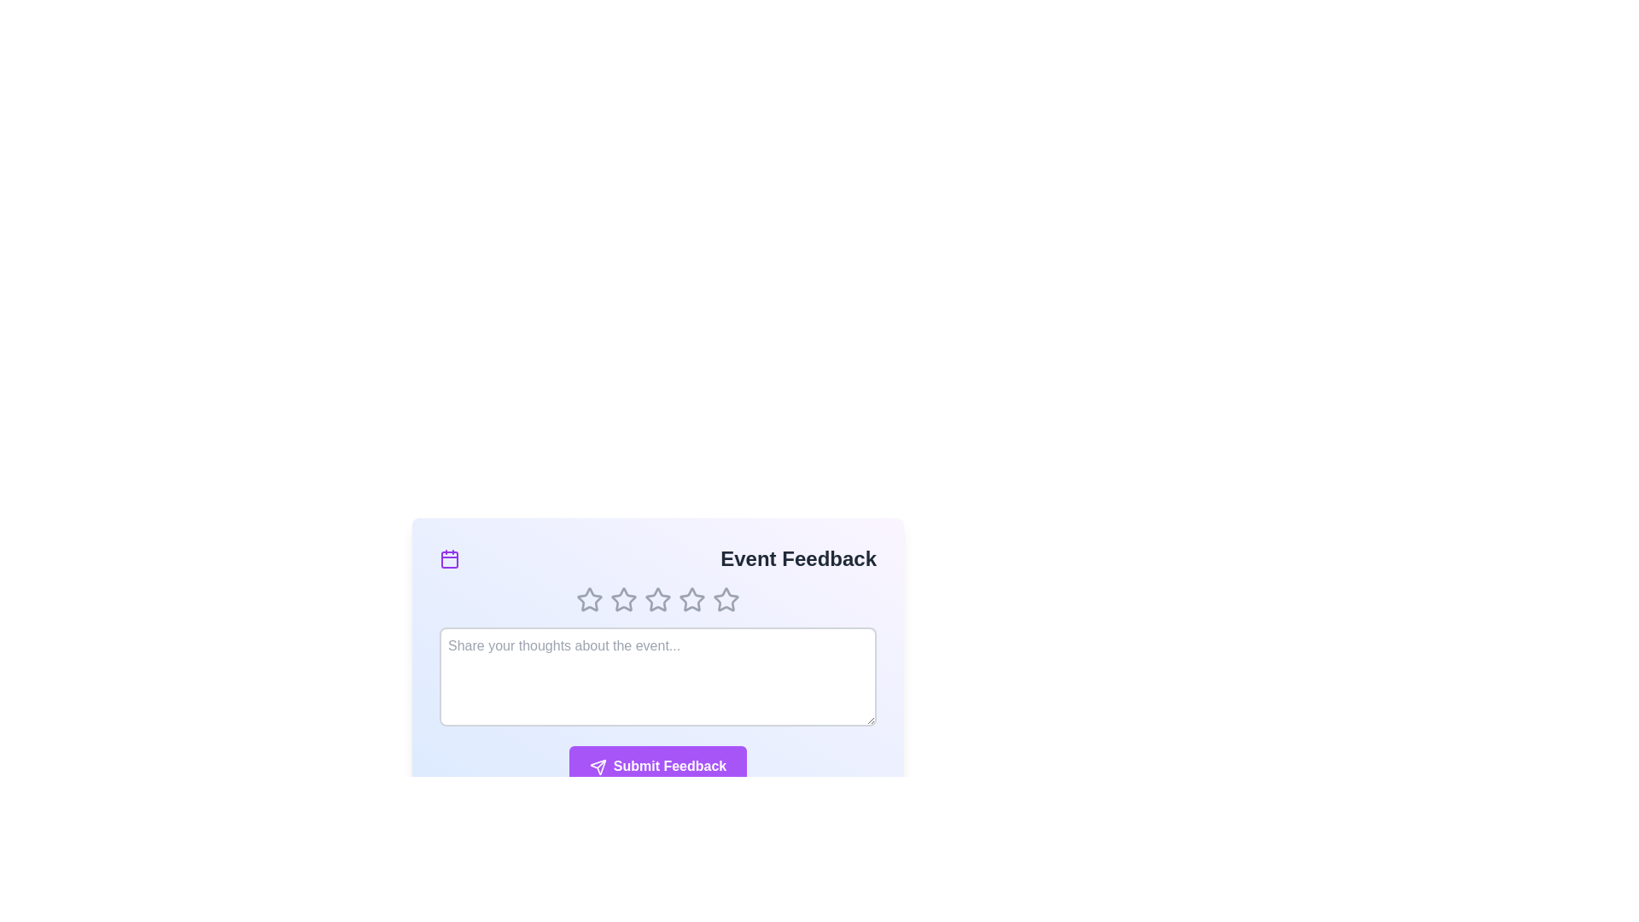 The height and width of the screenshot is (922, 1639). What do you see at coordinates (622, 598) in the screenshot?
I see `the second star icon in the rating system` at bounding box center [622, 598].